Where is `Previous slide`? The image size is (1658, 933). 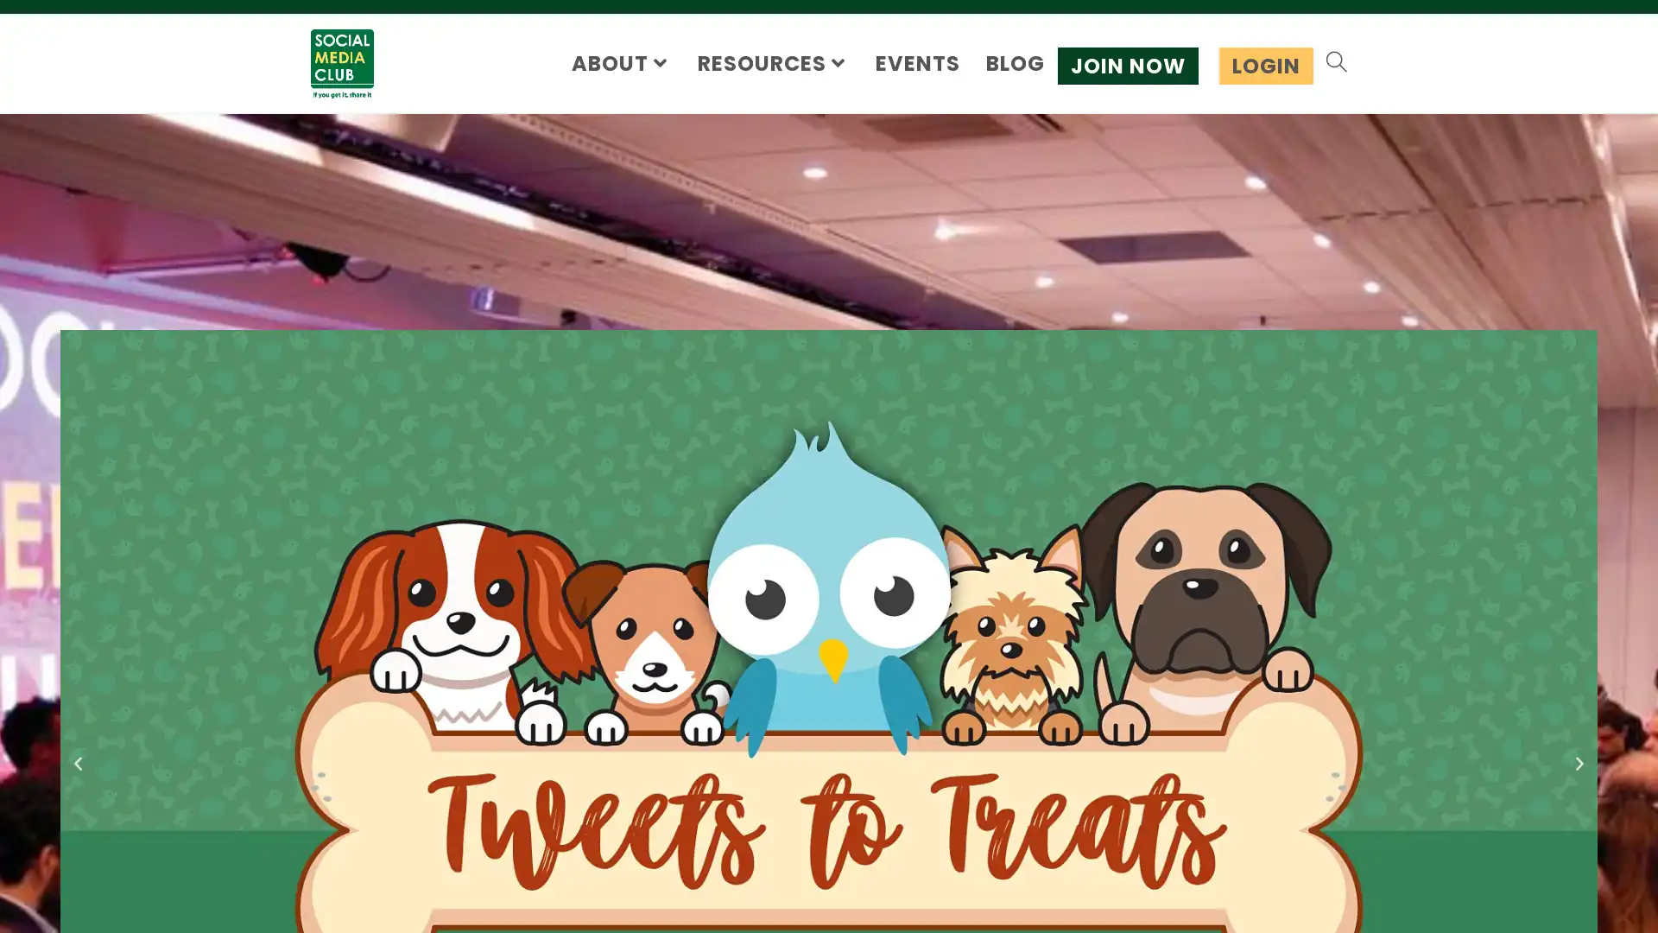
Previous slide is located at coordinates (77, 761).